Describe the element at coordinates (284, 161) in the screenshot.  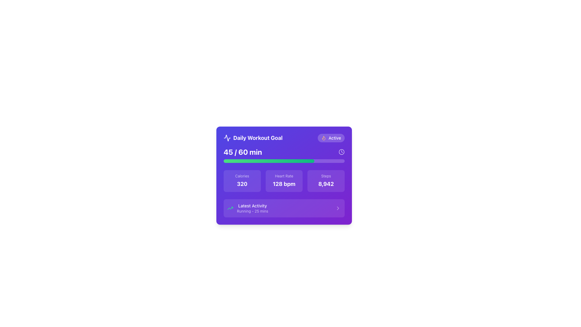
I see `the progress indicator that visually represents a completion level of 75%, located directly below the text '45 / 60 min'` at that location.